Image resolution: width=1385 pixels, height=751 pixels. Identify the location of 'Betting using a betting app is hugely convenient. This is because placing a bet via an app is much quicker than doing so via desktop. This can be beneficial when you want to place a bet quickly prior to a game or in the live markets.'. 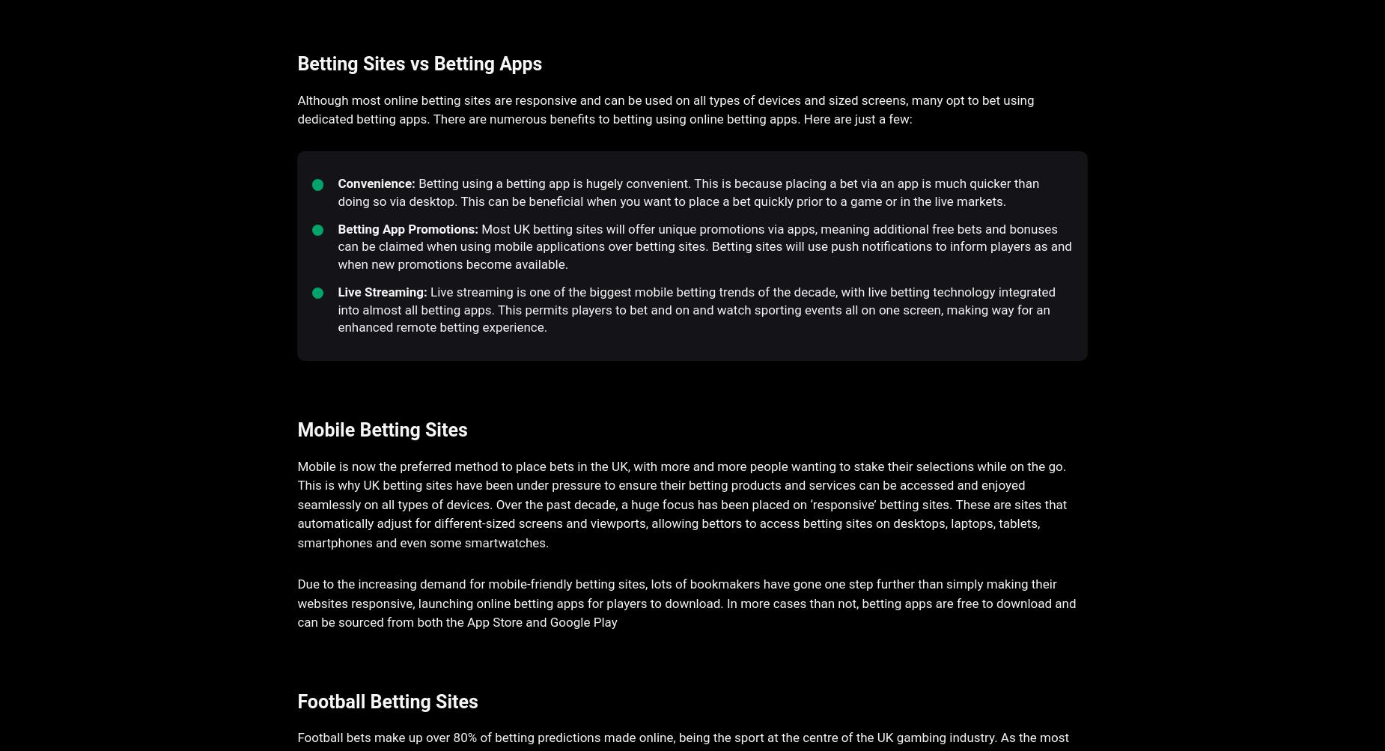
(688, 192).